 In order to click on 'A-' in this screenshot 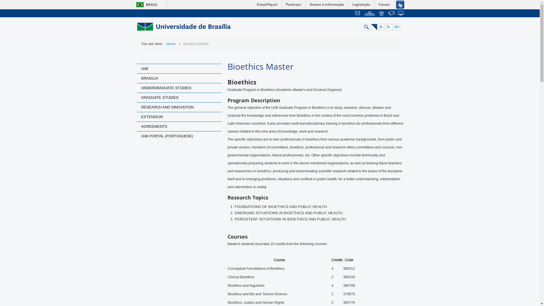, I will do `click(382, 27)`.